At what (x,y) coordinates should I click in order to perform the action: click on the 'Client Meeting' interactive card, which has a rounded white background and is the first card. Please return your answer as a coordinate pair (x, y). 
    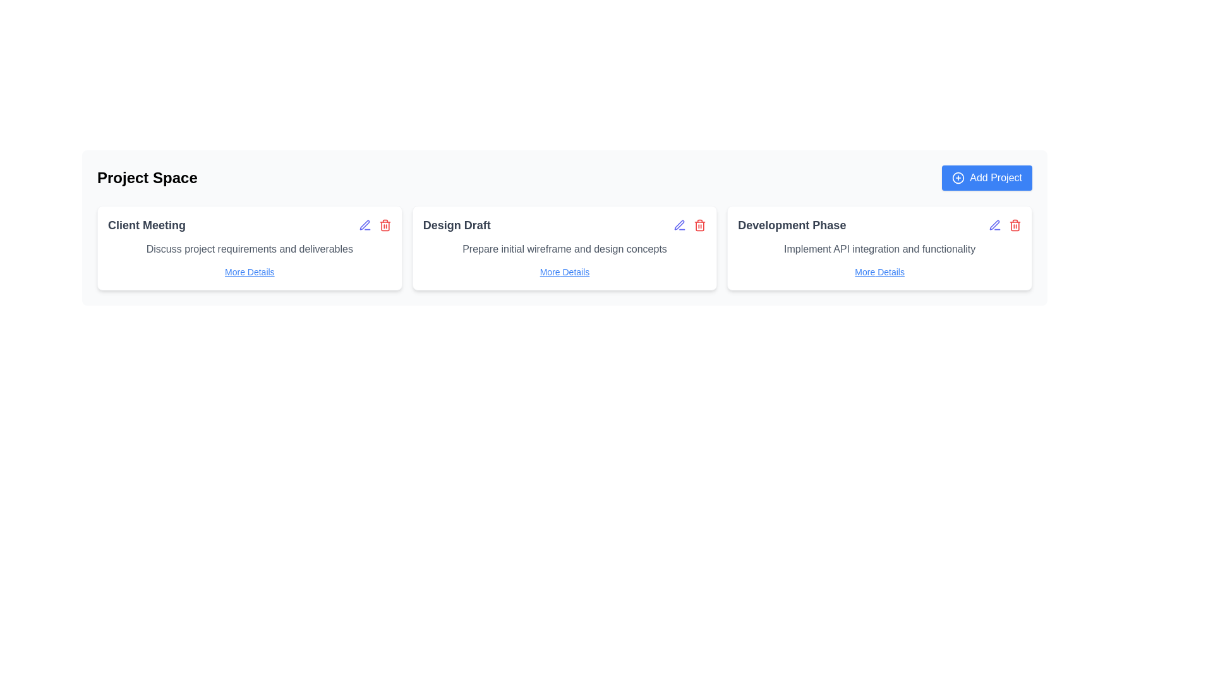
    Looking at the image, I should click on (249, 248).